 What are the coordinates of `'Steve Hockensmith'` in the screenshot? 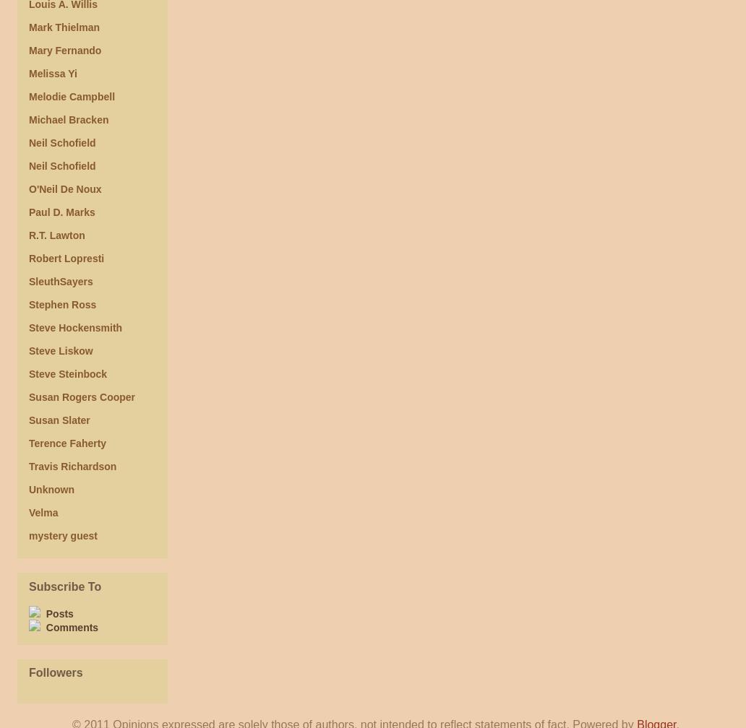 It's located at (29, 328).